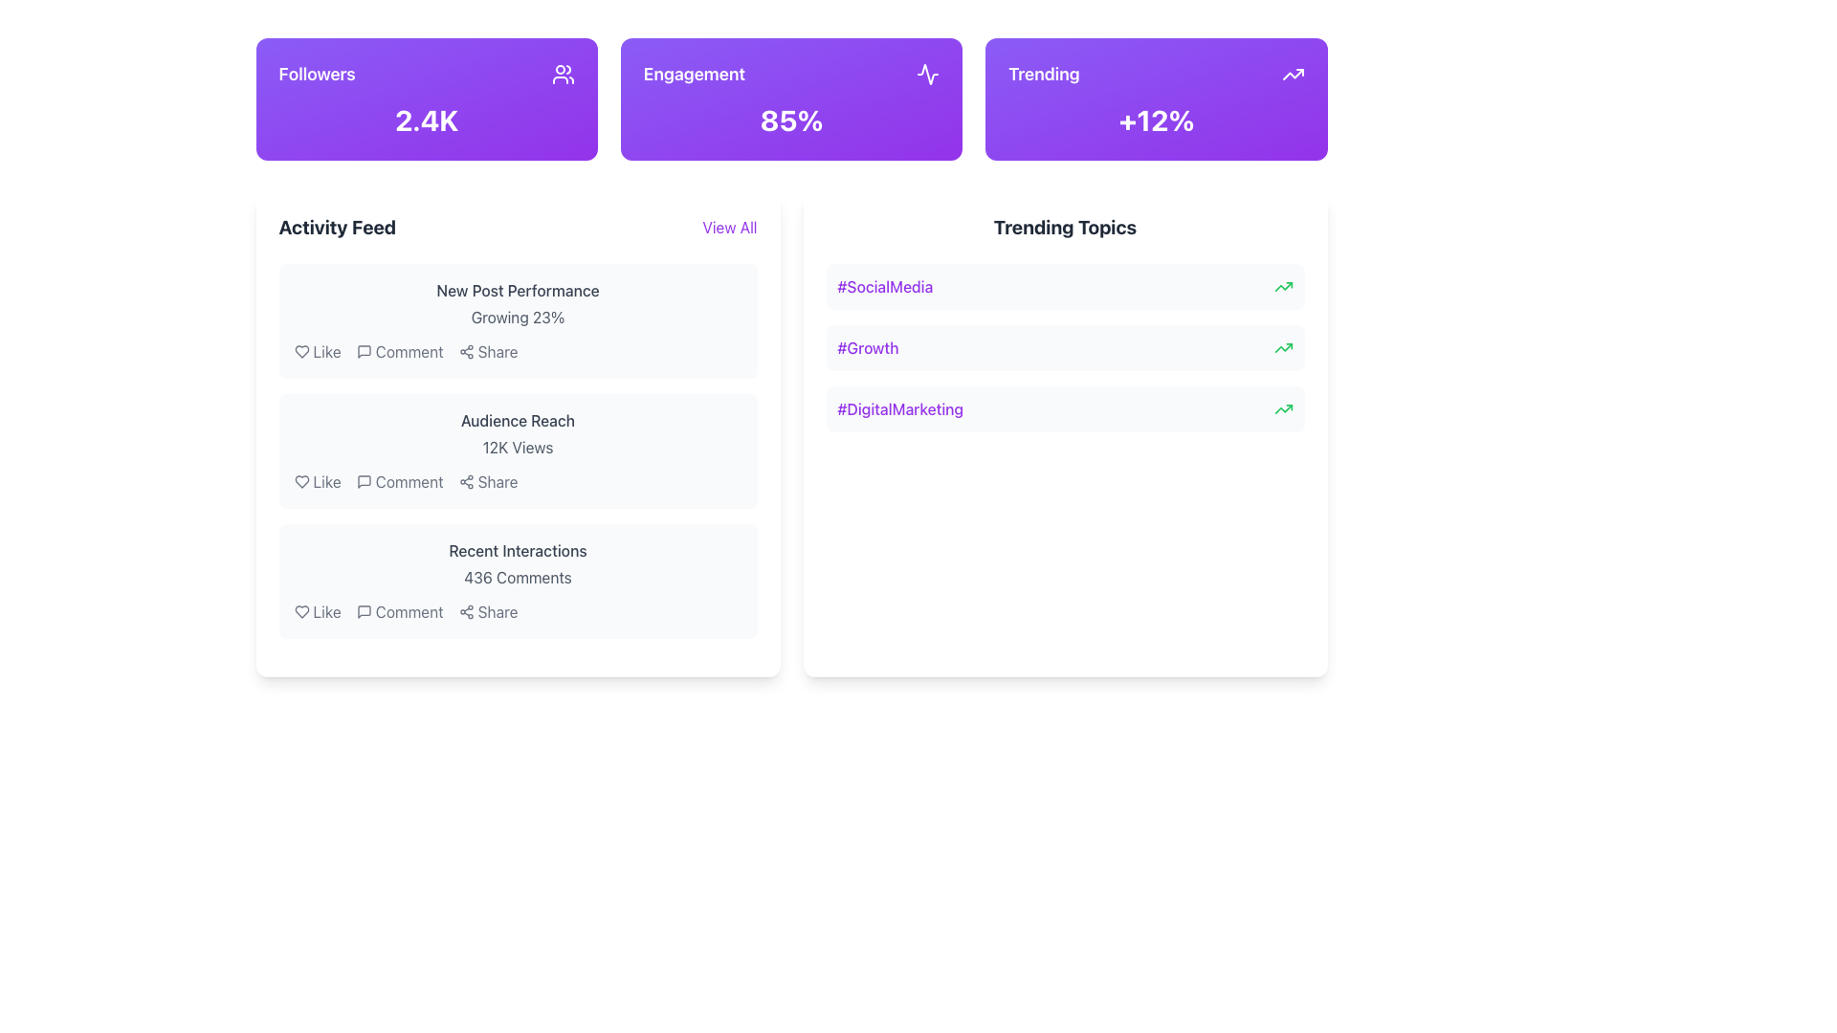 The height and width of the screenshot is (1033, 1837). What do you see at coordinates (1064, 408) in the screenshot?
I see `the third list item in the 'Trending Topics' section` at bounding box center [1064, 408].